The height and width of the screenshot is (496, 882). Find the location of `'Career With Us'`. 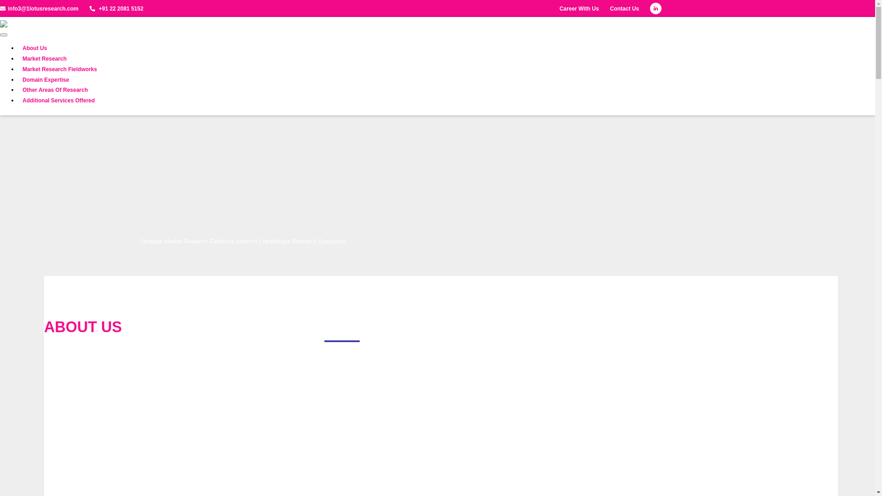

'Career With Us' is located at coordinates (579, 9).